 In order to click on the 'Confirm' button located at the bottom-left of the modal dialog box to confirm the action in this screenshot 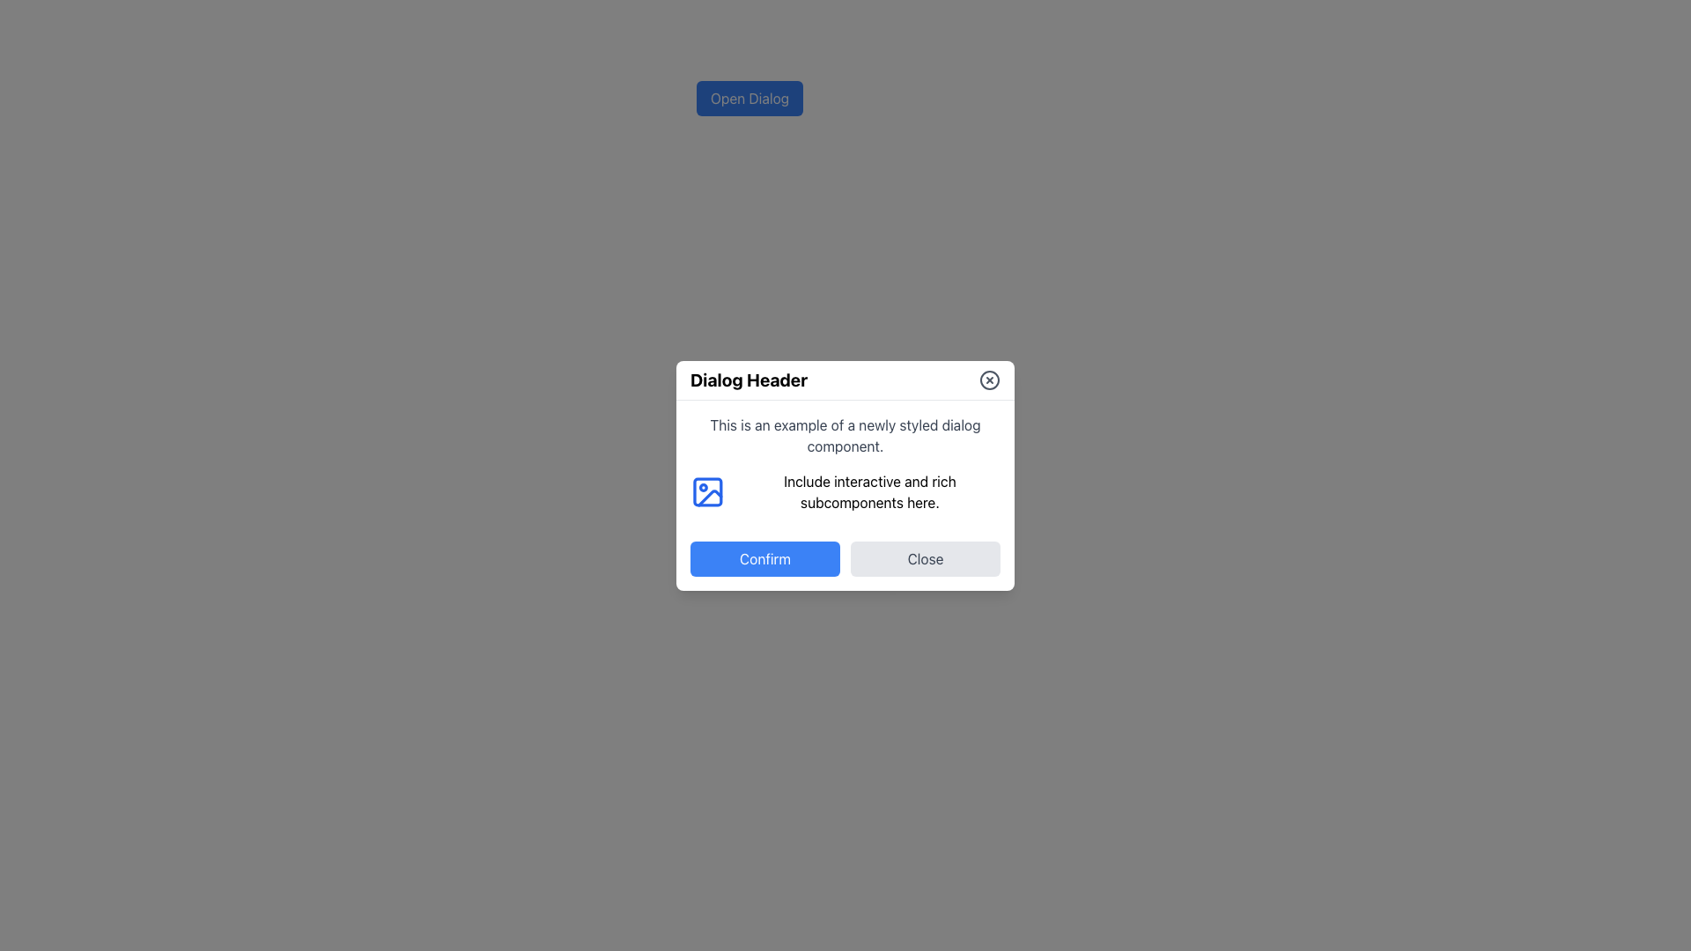, I will do `click(764, 558)`.